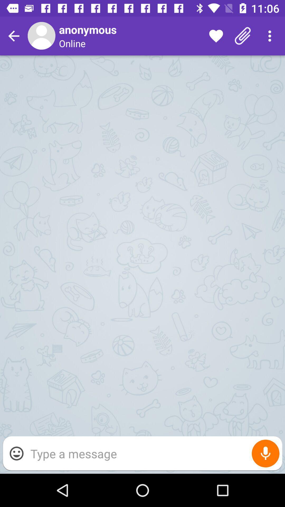 Image resolution: width=285 pixels, height=507 pixels. Describe the element at coordinates (265, 453) in the screenshot. I see `item at the bottom right corner` at that location.